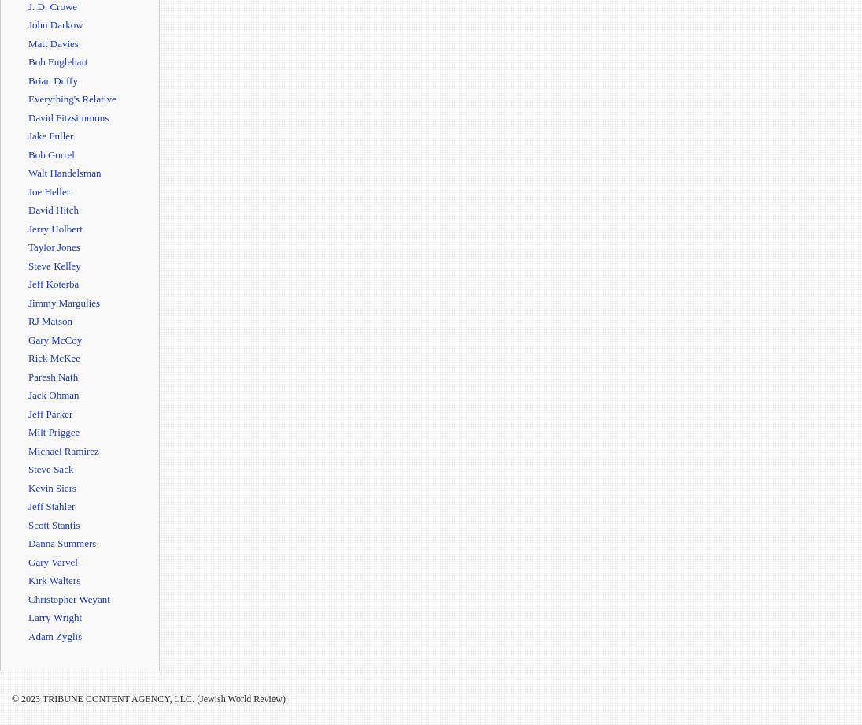  Describe the element at coordinates (52, 43) in the screenshot. I see `'Matt Davies'` at that location.